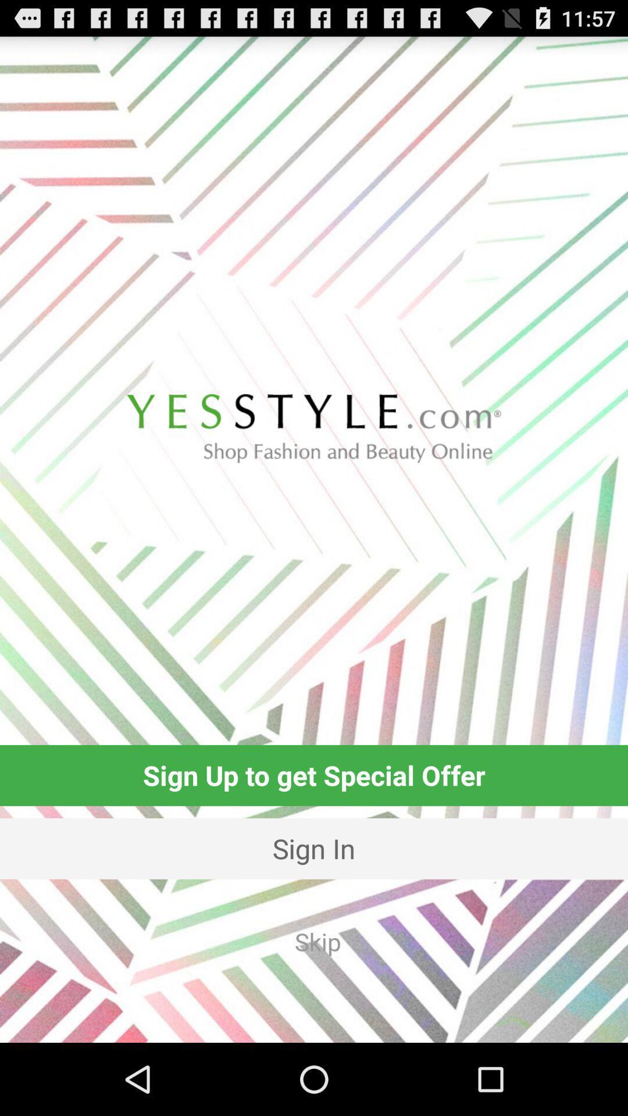 This screenshot has height=1116, width=628. What do you see at coordinates (314, 775) in the screenshot?
I see `app above the sign in item` at bounding box center [314, 775].